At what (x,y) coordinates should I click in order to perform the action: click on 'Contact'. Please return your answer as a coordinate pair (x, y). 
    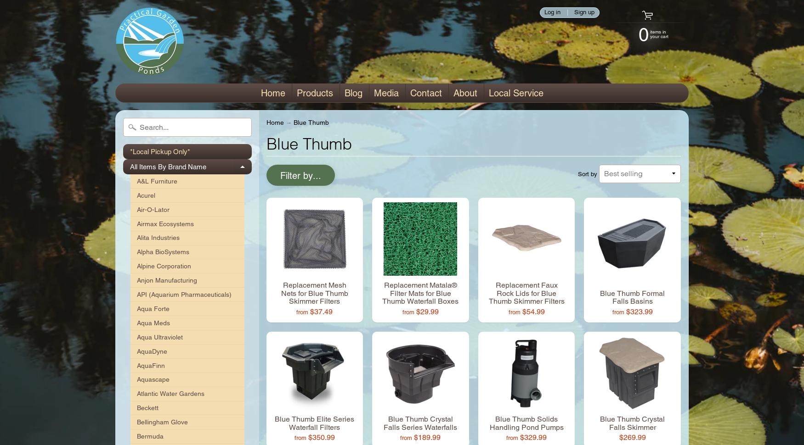
    Looking at the image, I should click on (425, 93).